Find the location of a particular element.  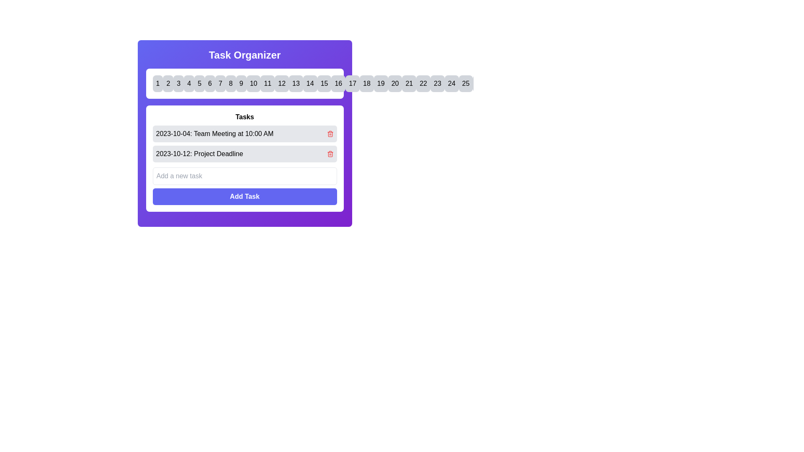

the light-gray rounded rectangle button displaying the number '1', which is the first item in a horizontal list at the top of the interface is located at coordinates (157, 84).